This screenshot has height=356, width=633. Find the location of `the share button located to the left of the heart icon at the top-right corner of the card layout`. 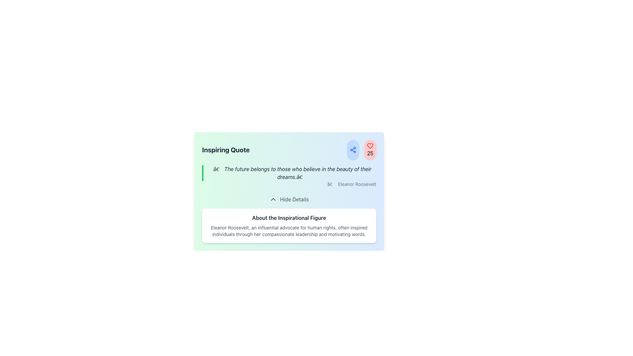

the share button located to the left of the heart icon at the top-right corner of the card layout is located at coordinates (352, 150).